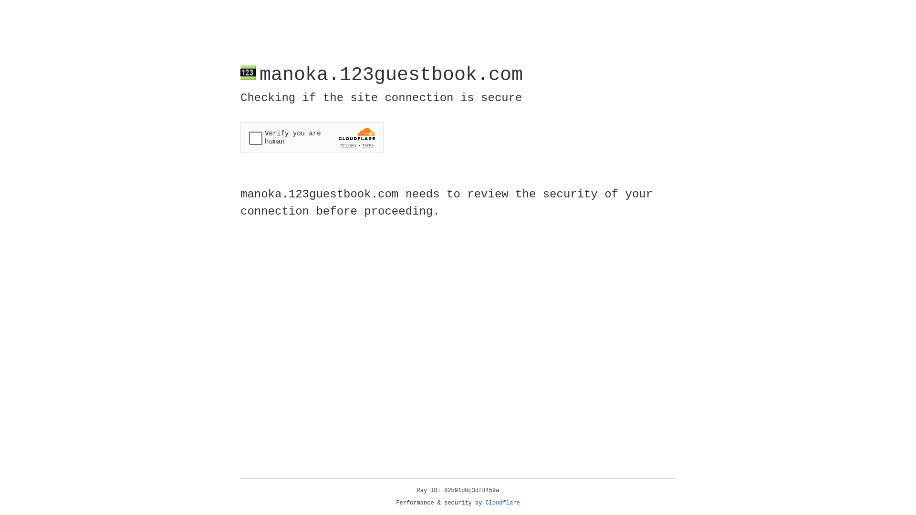  What do you see at coordinates (502, 503) in the screenshot?
I see `'Cloudflare'` at bounding box center [502, 503].